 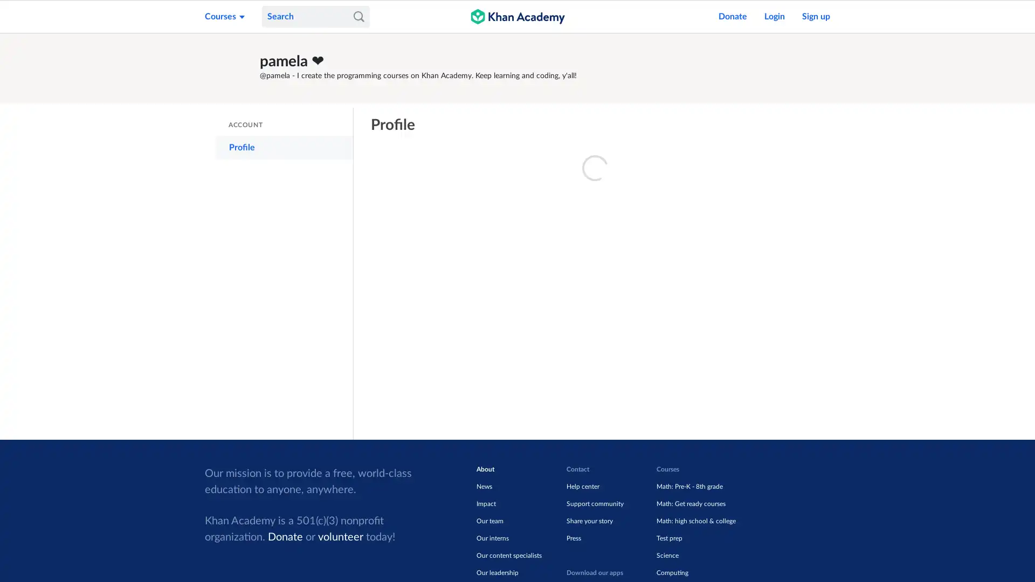 I want to click on Courses, so click(x=224, y=16).